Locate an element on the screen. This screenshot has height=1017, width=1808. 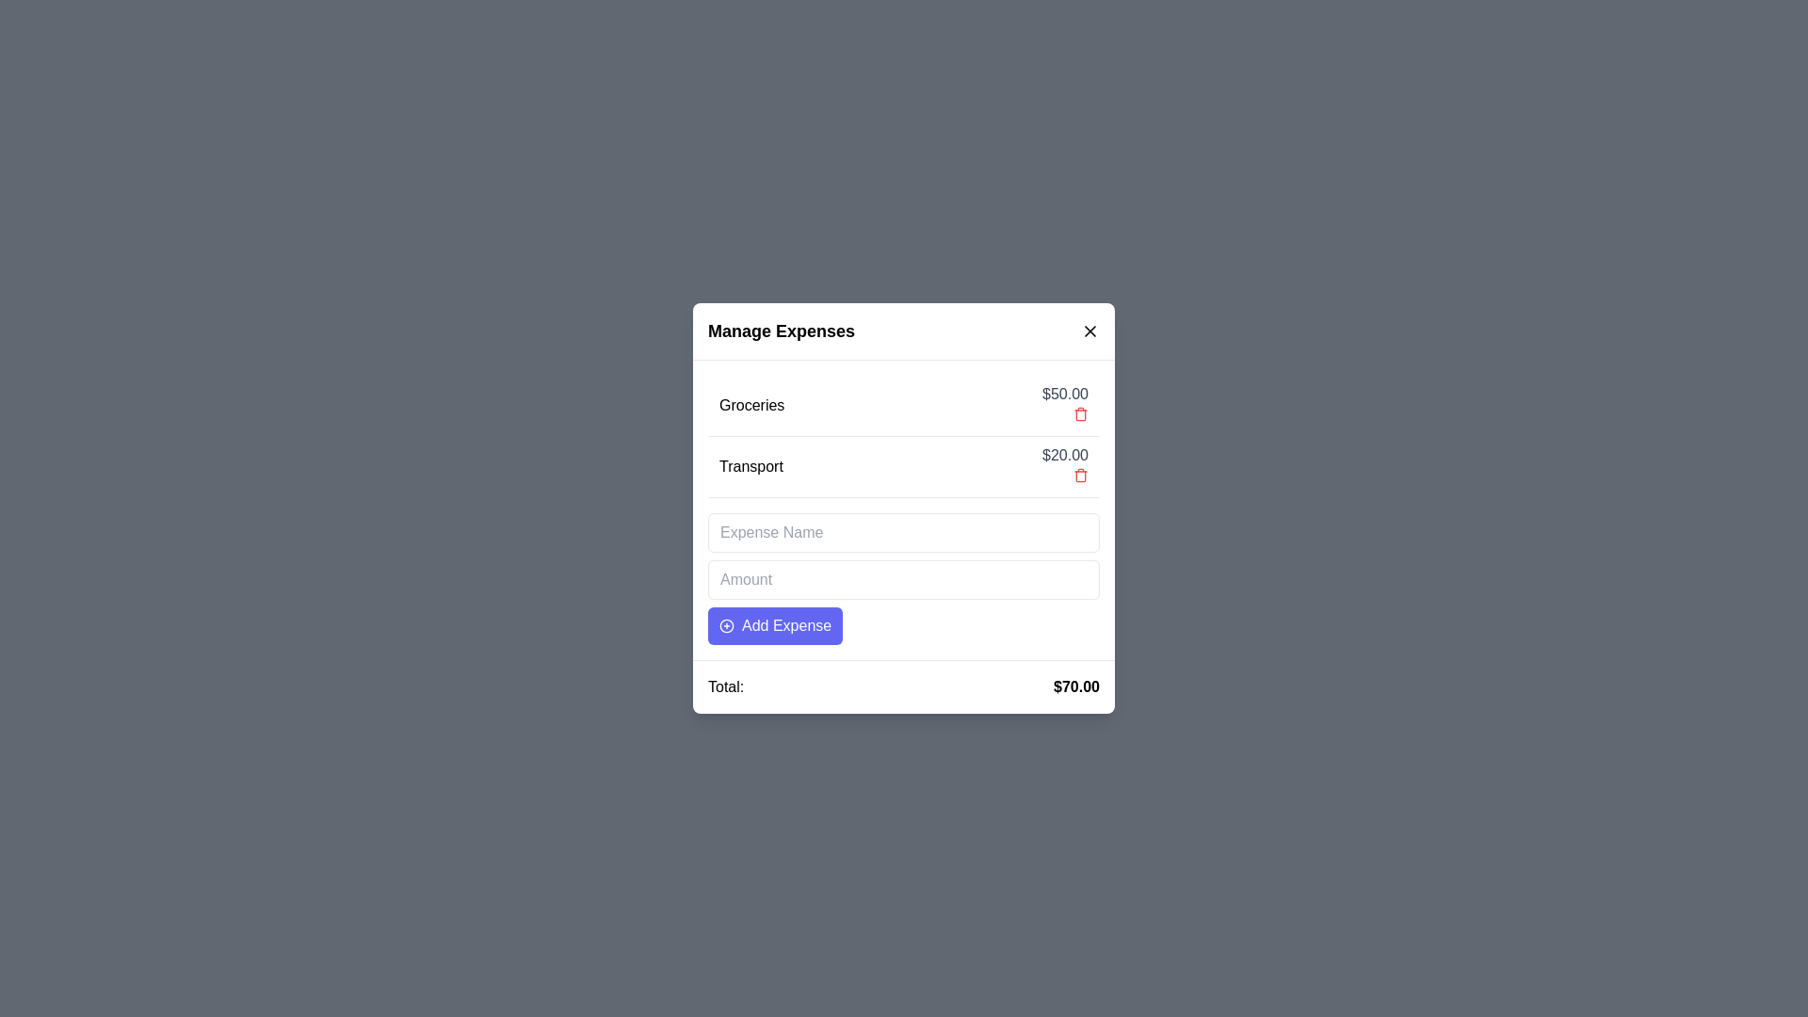
the 'close' button icon located at the top-right corner of the 'Manage Expenses' modal window is located at coordinates (1090, 330).